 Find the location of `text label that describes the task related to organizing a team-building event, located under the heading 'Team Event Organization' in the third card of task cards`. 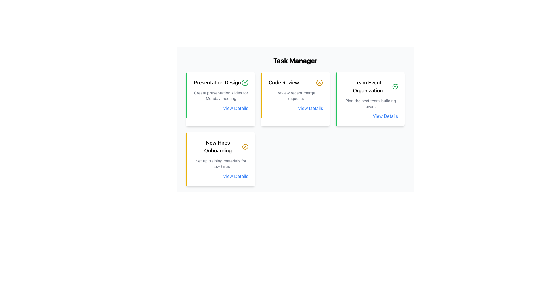

text label that describes the task related to organizing a team-building event, located under the heading 'Team Event Organization' in the third card of task cards is located at coordinates (371, 104).